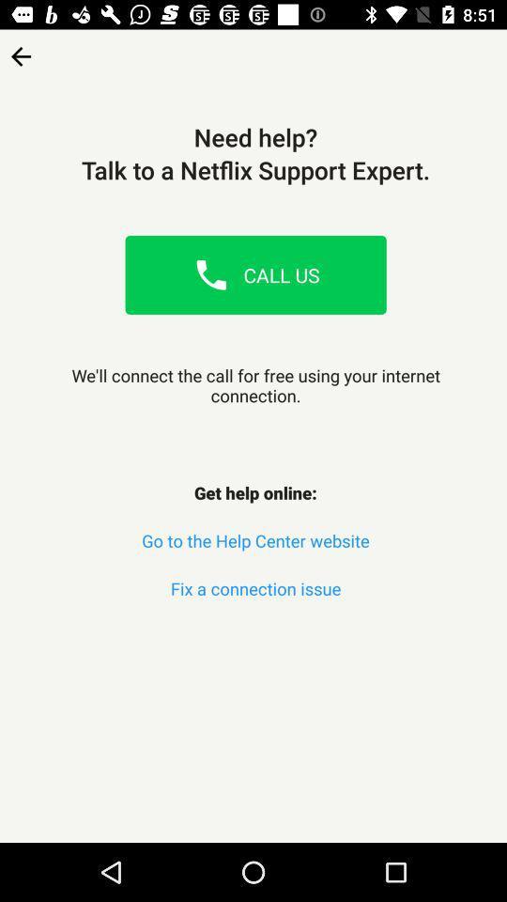  What do you see at coordinates (210, 273) in the screenshot?
I see `icon next to the call us icon` at bounding box center [210, 273].